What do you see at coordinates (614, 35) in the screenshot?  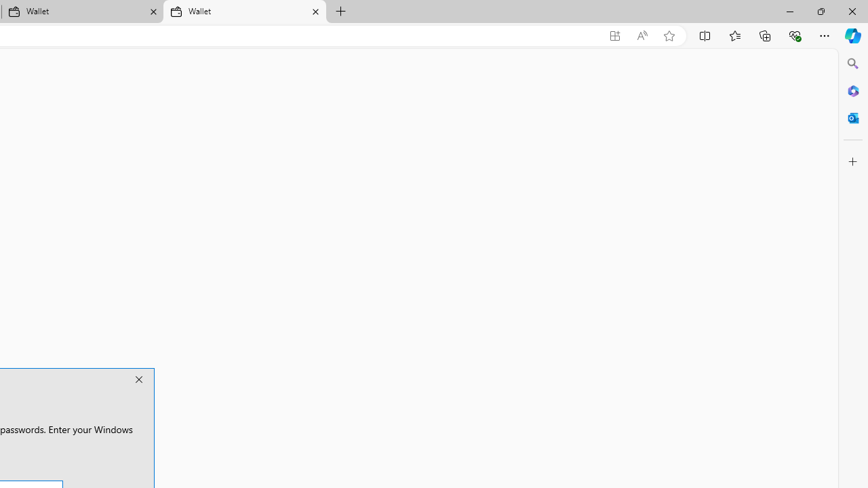 I see `'App available. Install Microsoft Wallet'` at bounding box center [614, 35].